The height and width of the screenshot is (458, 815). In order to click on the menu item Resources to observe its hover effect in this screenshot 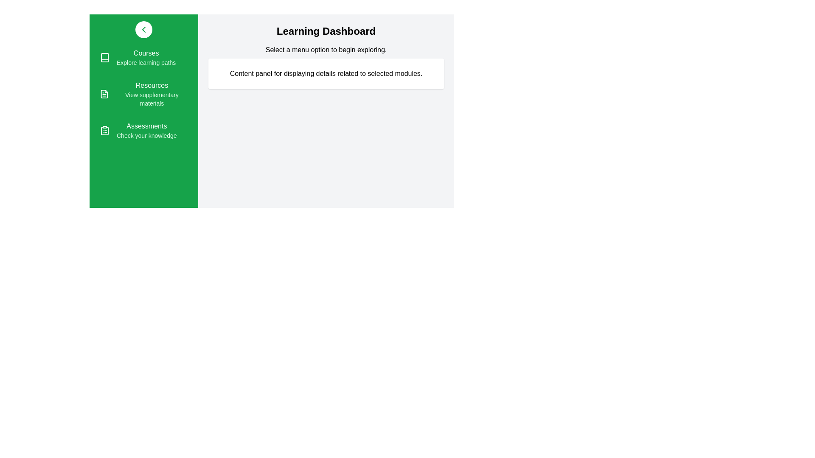, I will do `click(144, 94)`.